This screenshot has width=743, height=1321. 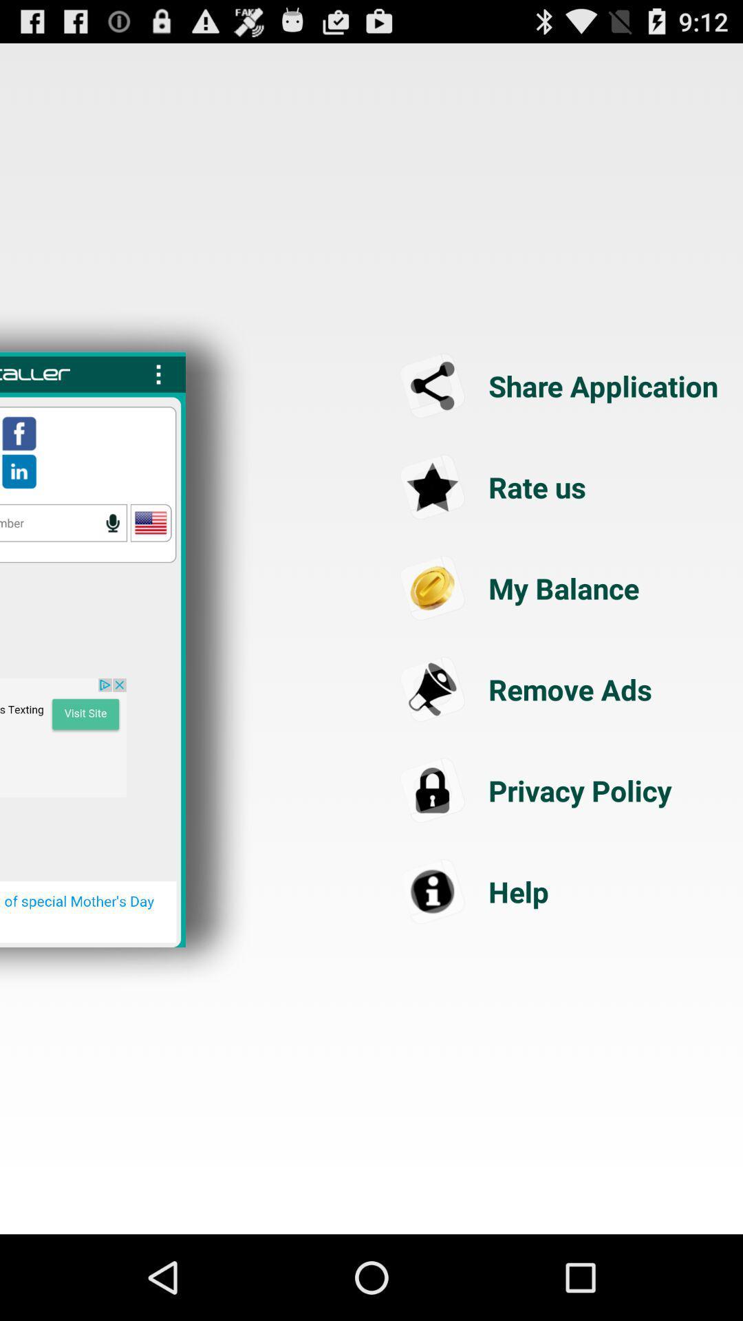 I want to click on the microphone icon, so click(x=112, y=559).